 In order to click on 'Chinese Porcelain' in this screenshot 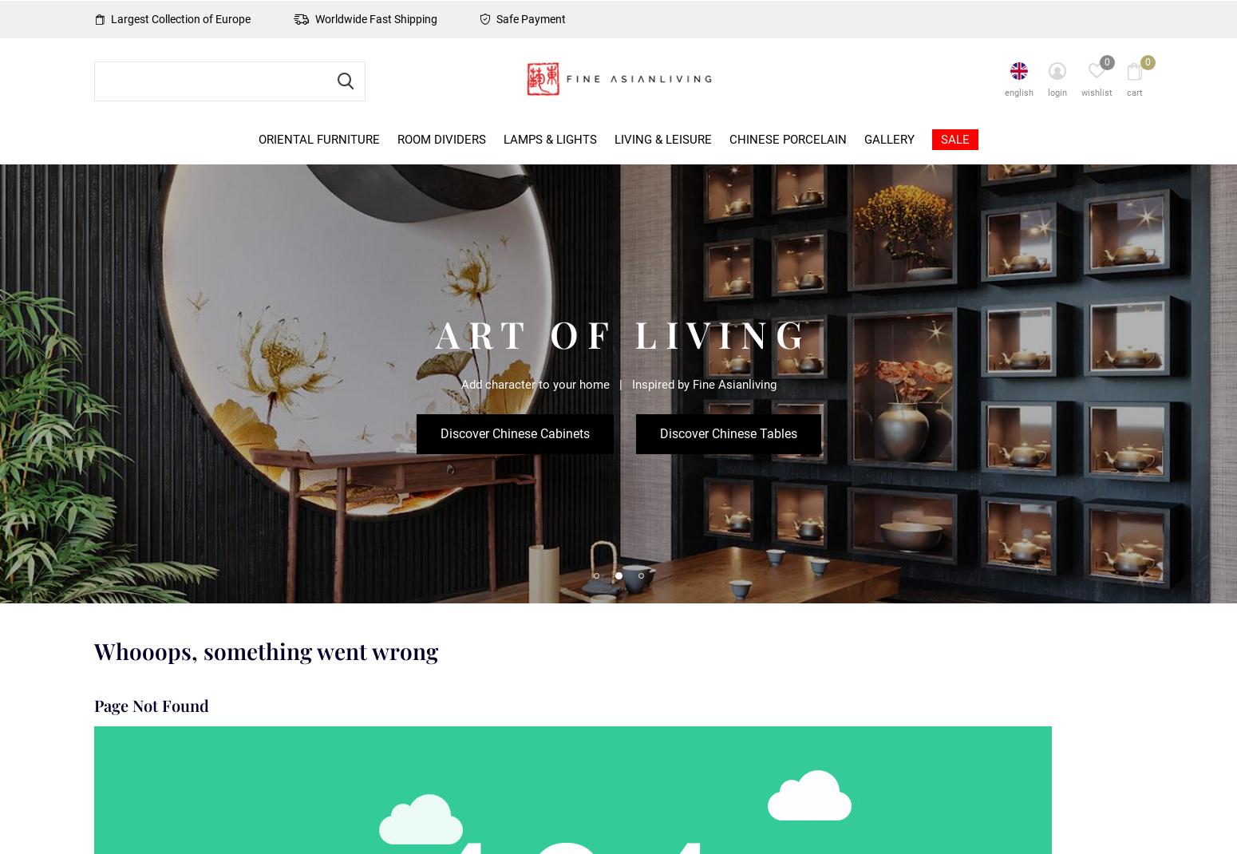, I will do `click(787, 138)`.